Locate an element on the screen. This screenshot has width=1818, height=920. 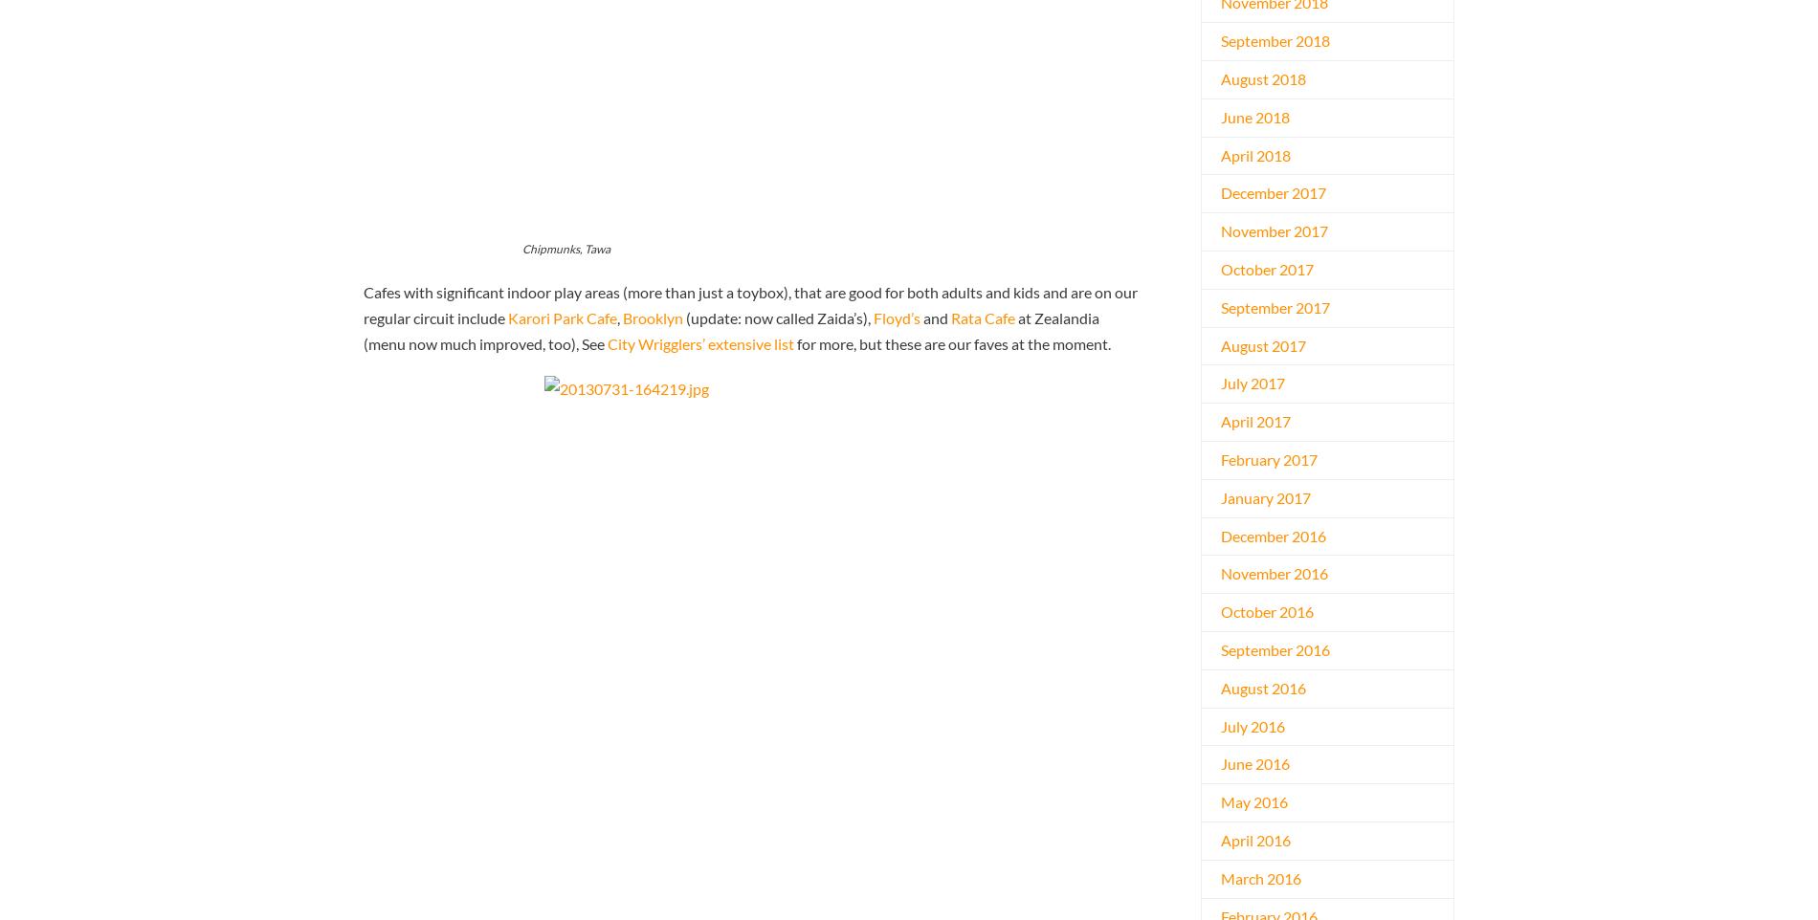
'(update: now called Zaida’s),' is located at coordinates (777, 316).